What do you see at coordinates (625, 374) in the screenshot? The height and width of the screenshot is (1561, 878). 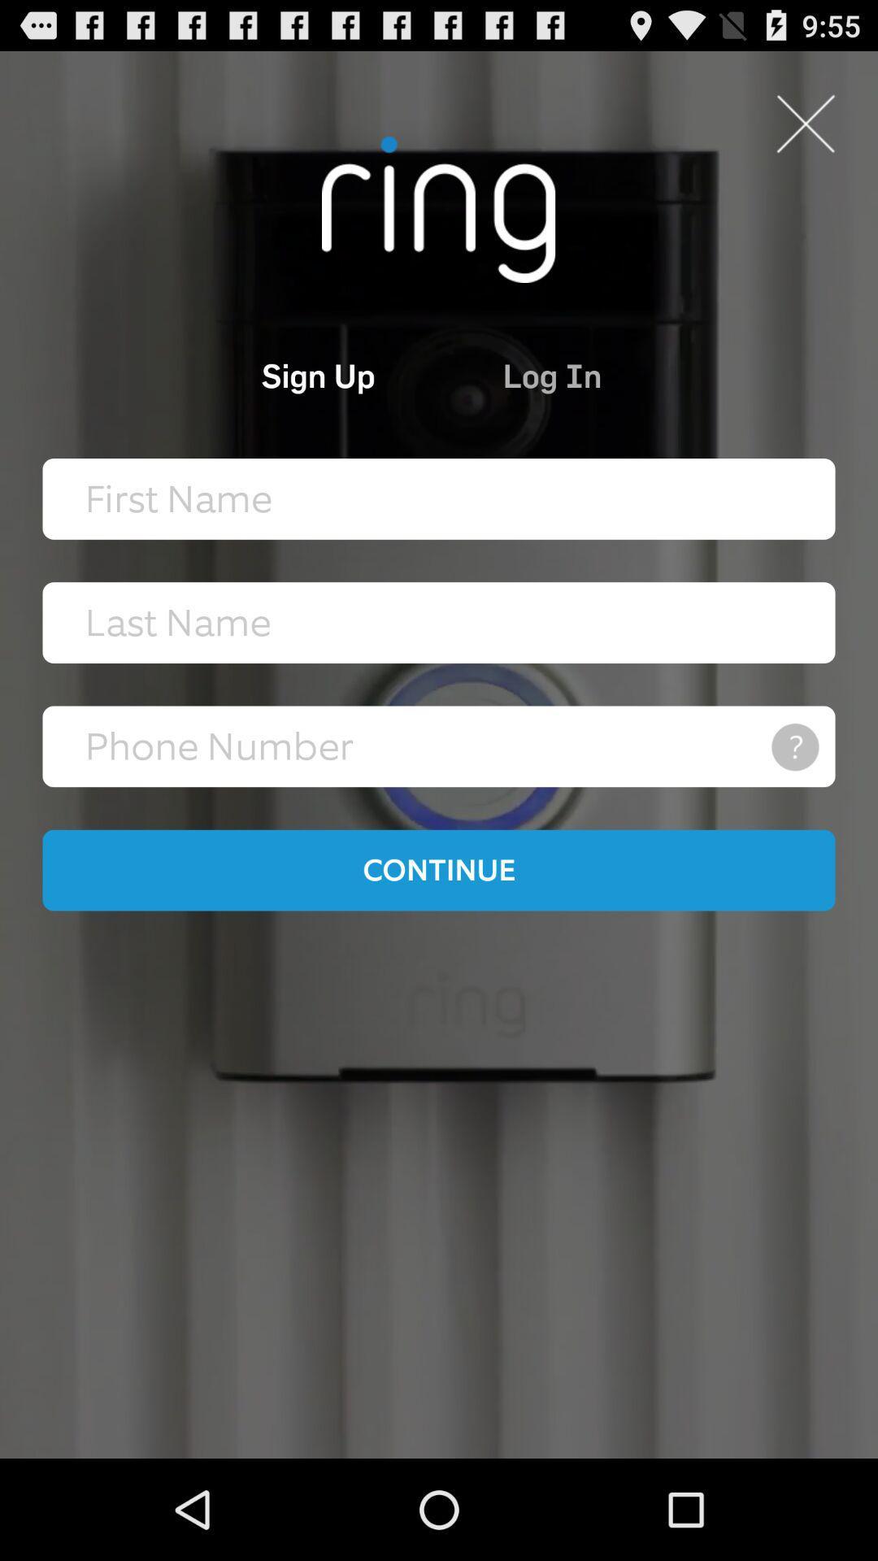 I see `the item to the right of the sign up icon` at bounding box center [625, 374].